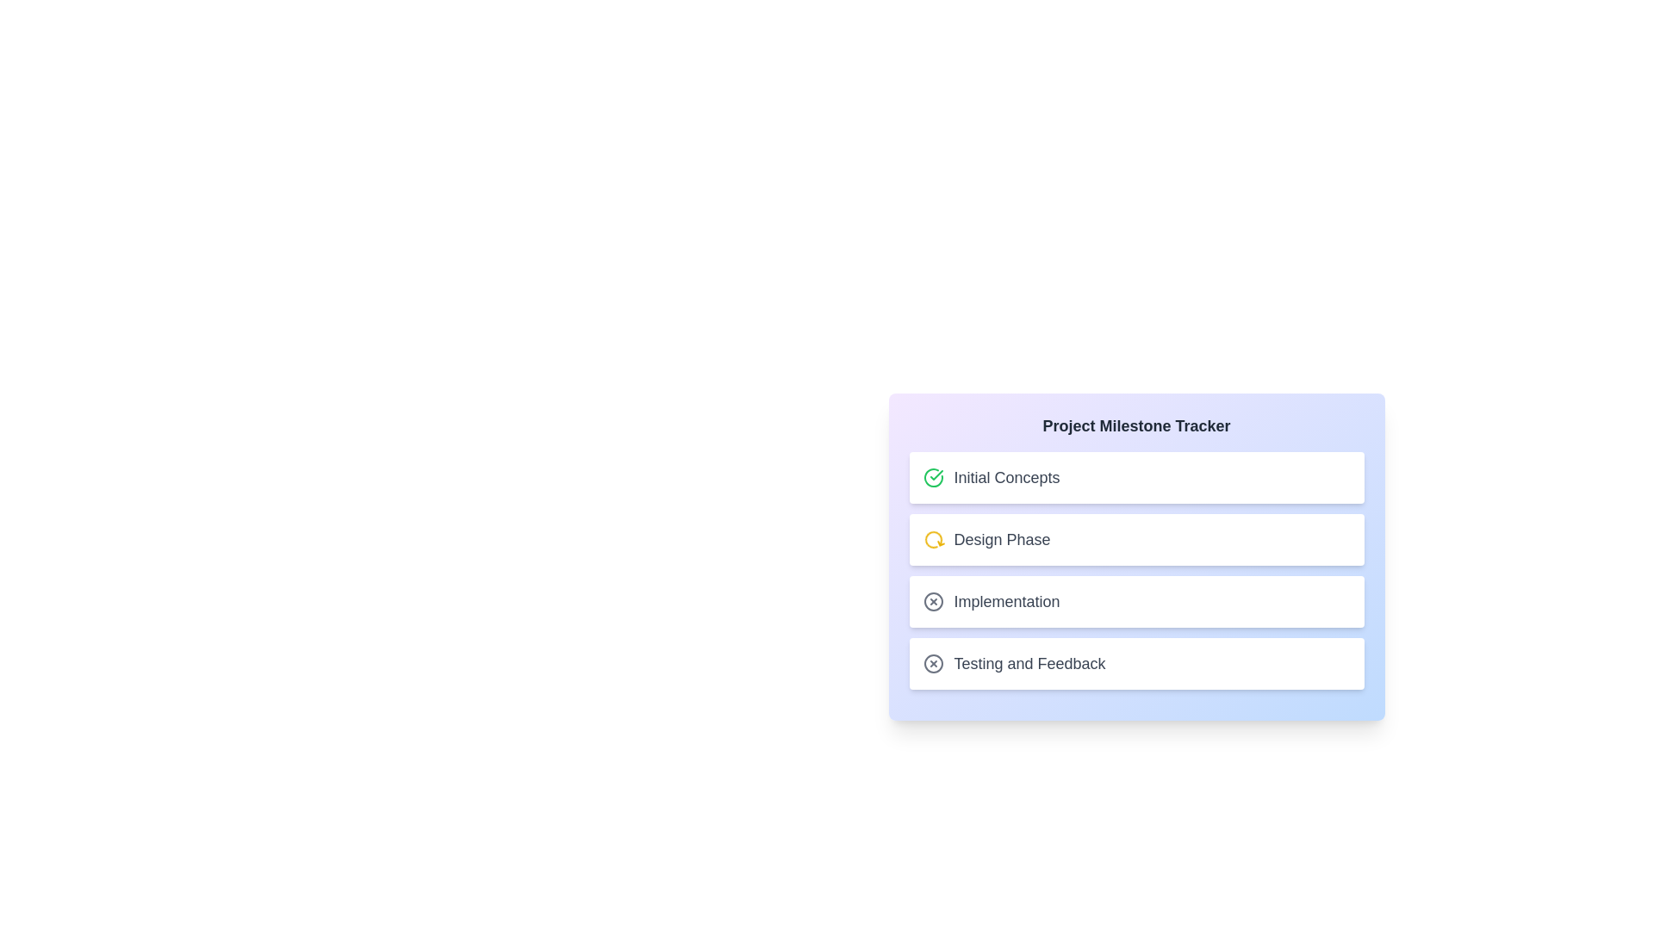 The width and height of the screenshot is (1654, 930). I want to click on the 'Implementation' text label in the milestone tracker interface for accessibility tools, so click(1007, 600).